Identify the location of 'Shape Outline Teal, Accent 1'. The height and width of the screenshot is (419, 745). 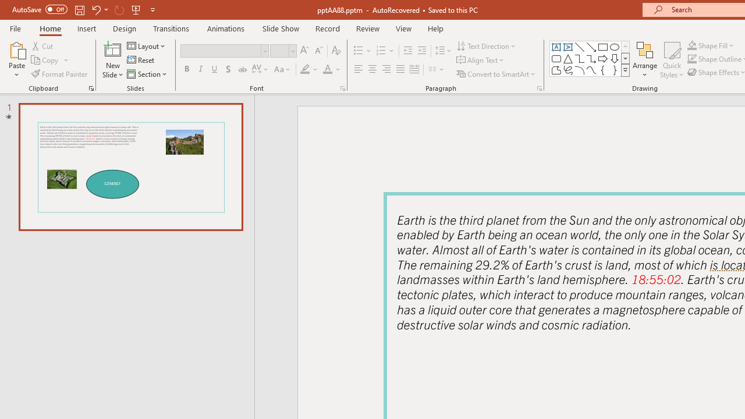
(692, 59).